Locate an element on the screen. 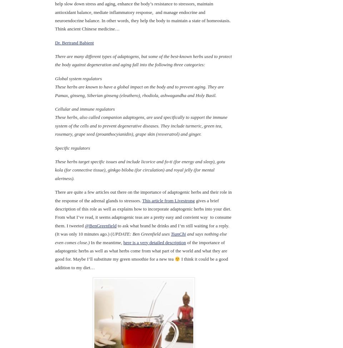 This screenshot has height=348, width=343. 'There are many different types of adaptogens, but some of the best-known herbs used to protect the body against degeneration and aging fall into the following three categories:' is located at coordinates (143, 61).